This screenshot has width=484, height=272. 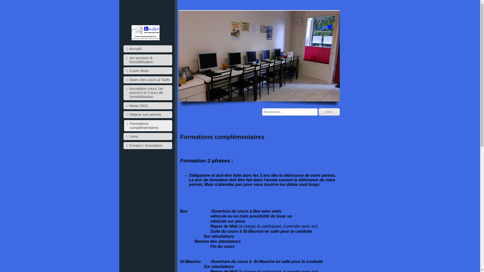 What do you see at coordinates (147, 137) in the screenshot?
I see `'Liens'` at bounding box center [147, 137].